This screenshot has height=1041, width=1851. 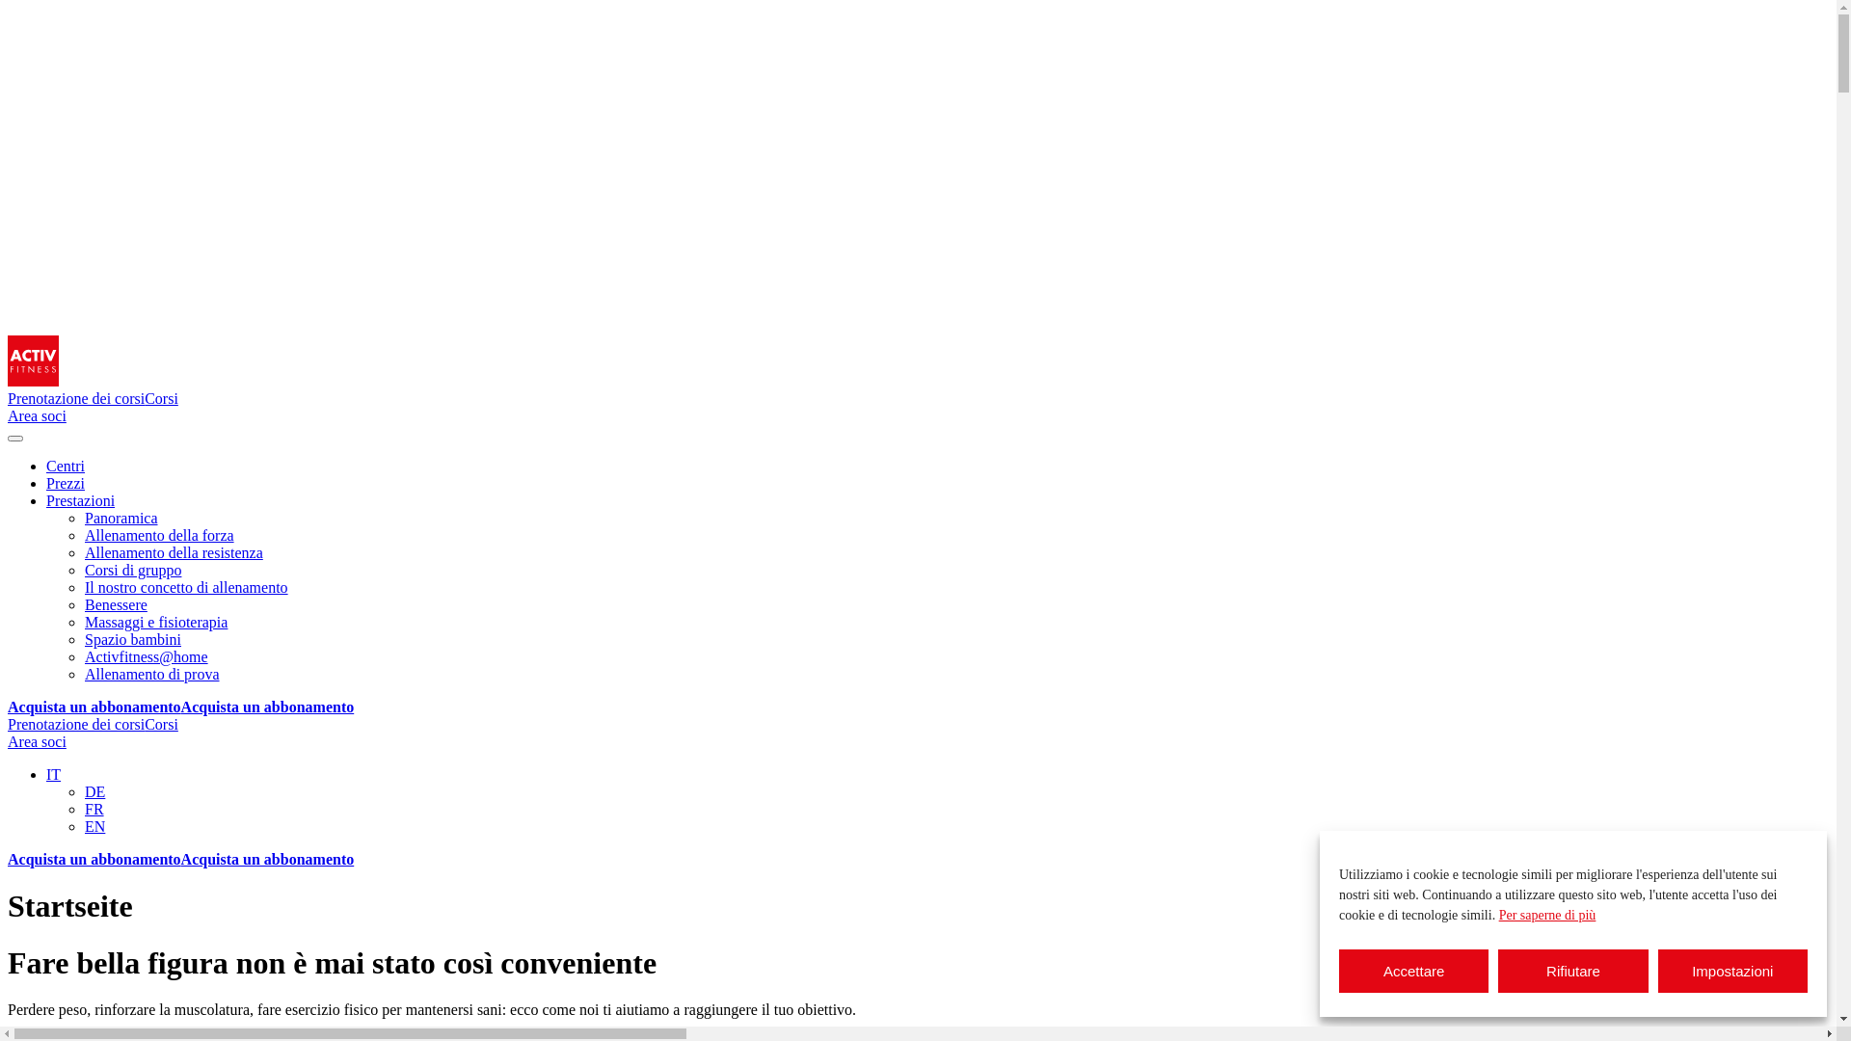 I want to click on 'Rifiutare', so click(x=1572, y=971).